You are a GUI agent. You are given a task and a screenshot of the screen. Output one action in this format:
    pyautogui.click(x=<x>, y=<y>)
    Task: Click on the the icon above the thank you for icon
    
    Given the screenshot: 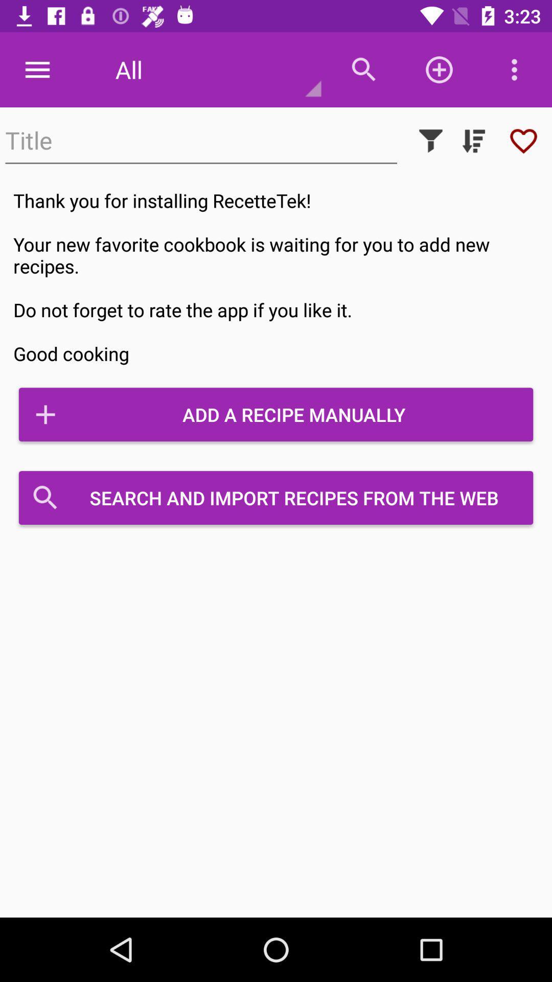 What is the action you would take?
    pyautogui.click(x=473, y=140)
    